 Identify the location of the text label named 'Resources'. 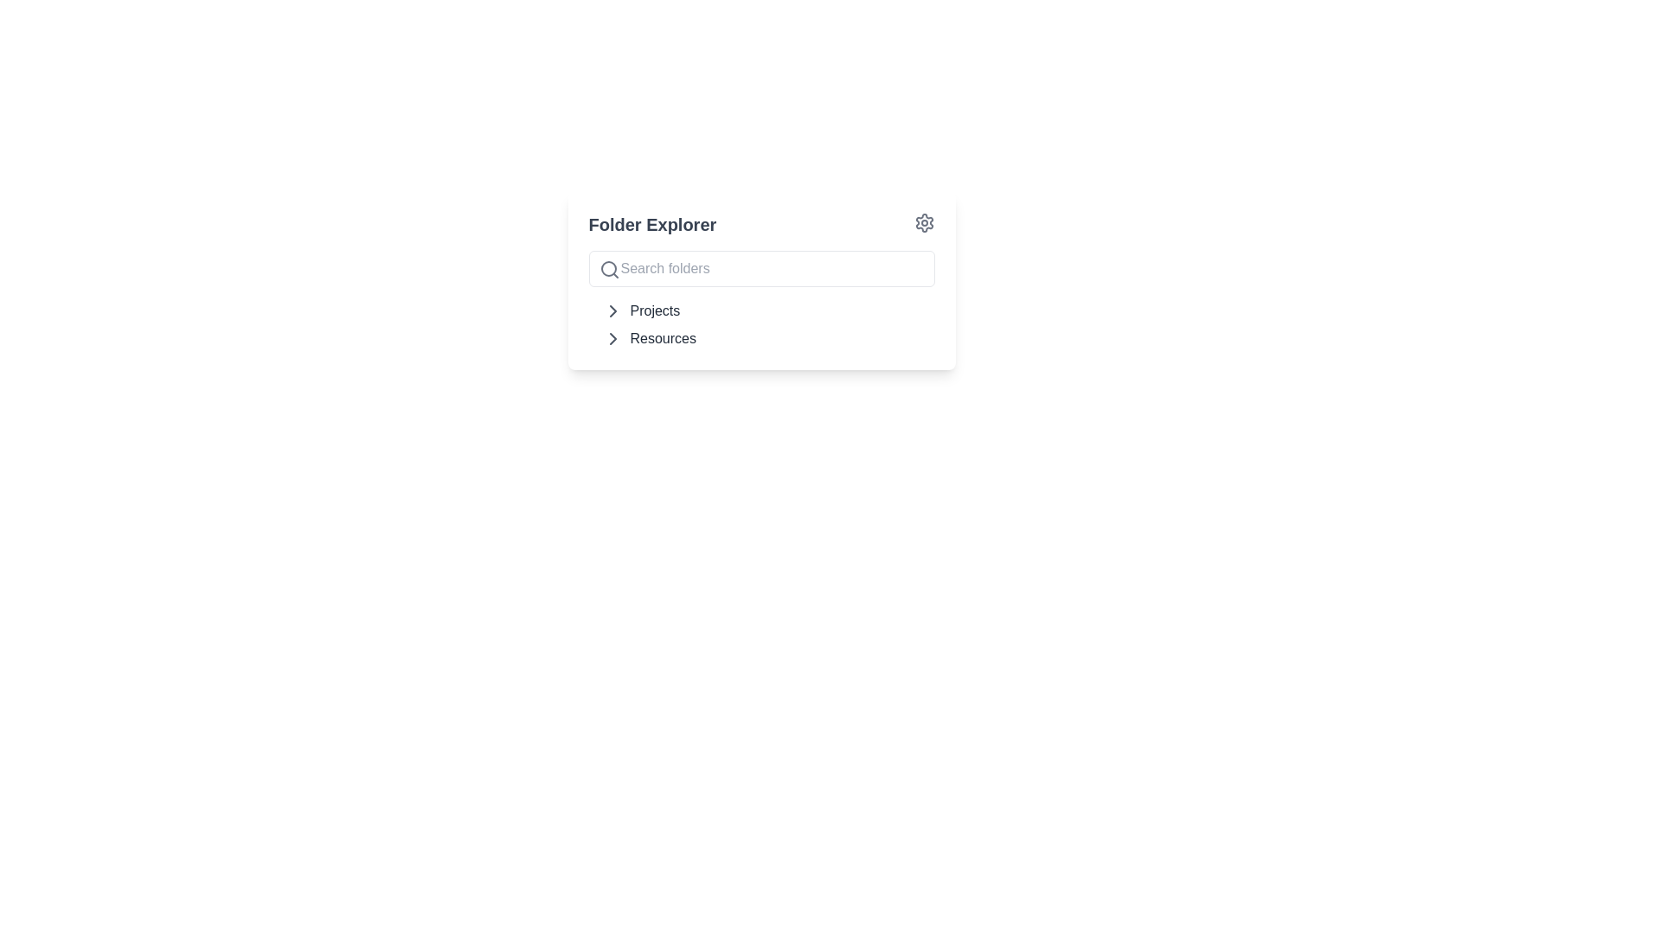
(662, 339).